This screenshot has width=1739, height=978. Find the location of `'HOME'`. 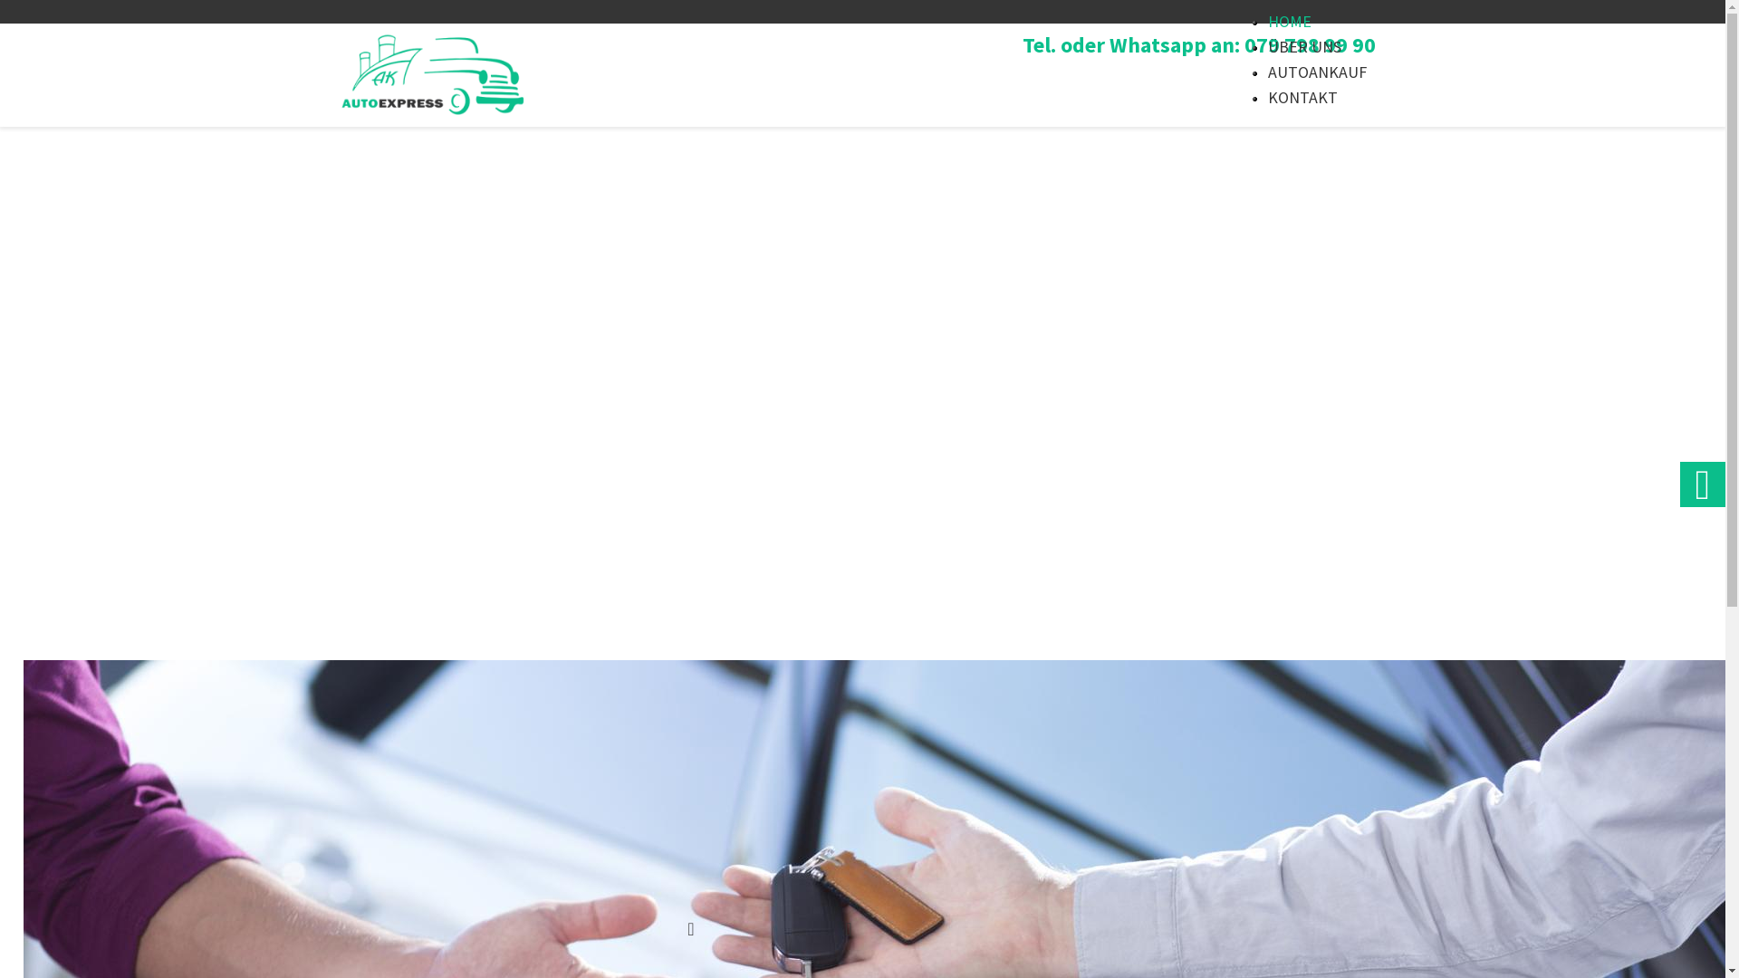

'HOME' is located at coordinates (1289, 21).